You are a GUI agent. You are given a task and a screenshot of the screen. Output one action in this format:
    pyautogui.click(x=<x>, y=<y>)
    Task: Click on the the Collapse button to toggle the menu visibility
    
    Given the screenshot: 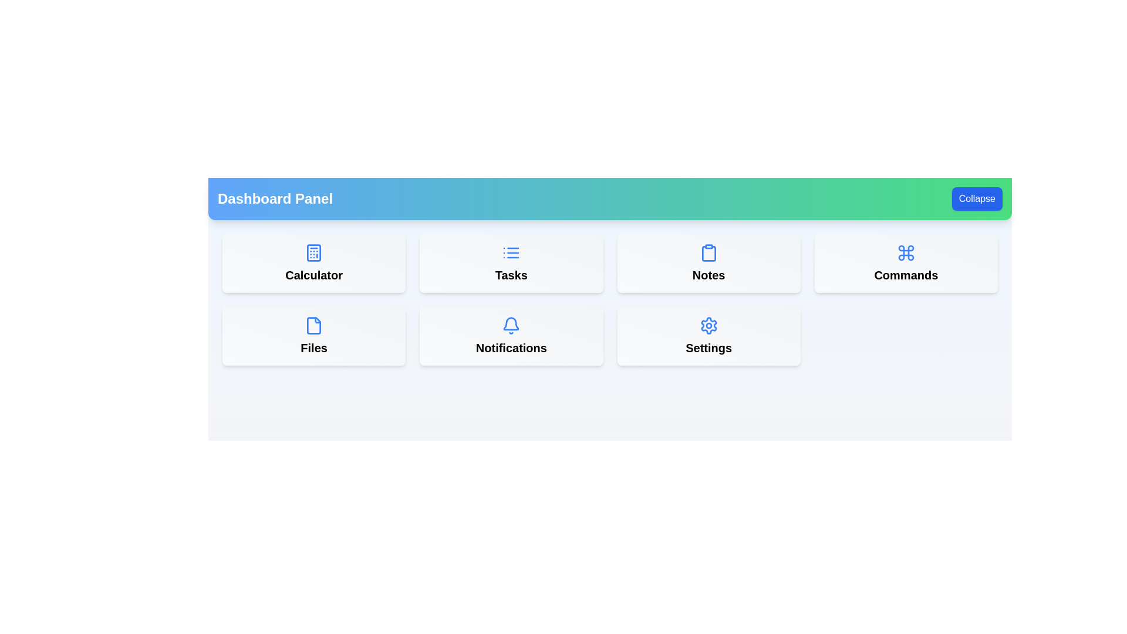 What is the action you would take?
    pyautogui.click(x=977, y=198)
    